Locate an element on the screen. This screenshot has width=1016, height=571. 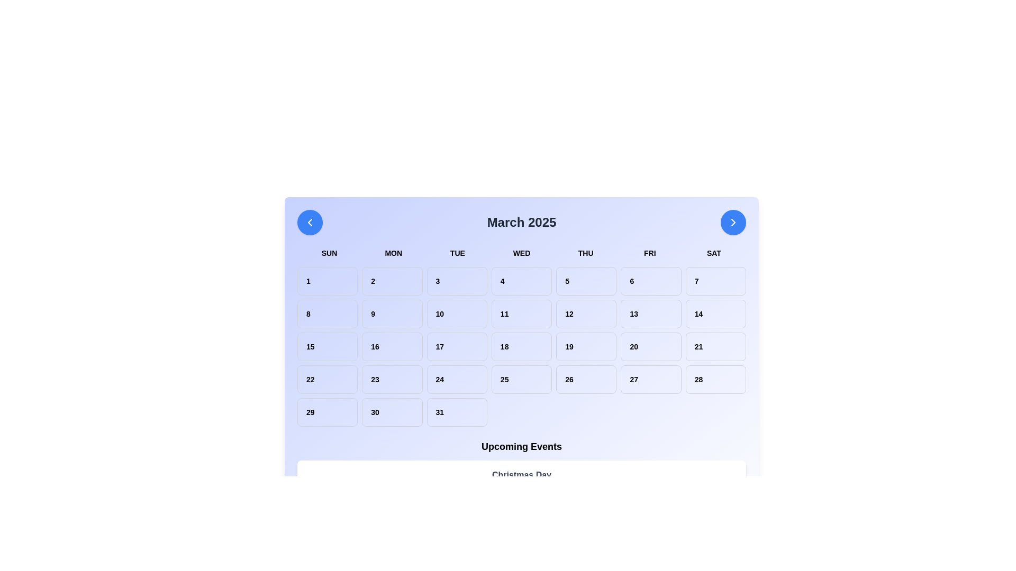
to select the calendar date block displaying the number '13', which is styled with a rounded border and changes color on hover, located in the second row and sixth column of the grid layout is located at coordinates (650, 314).